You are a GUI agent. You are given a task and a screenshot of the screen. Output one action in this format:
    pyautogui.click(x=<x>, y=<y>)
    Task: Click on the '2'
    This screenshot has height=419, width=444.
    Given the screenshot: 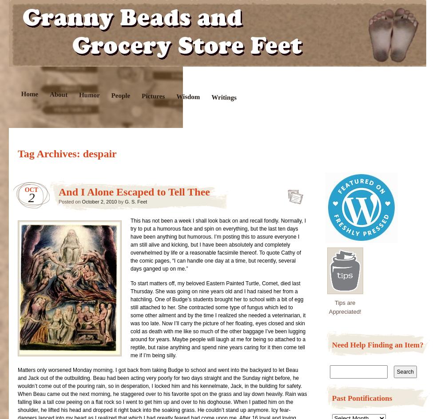 What is the action you would take?
    pyautogui.click(x=28, y=197)
    